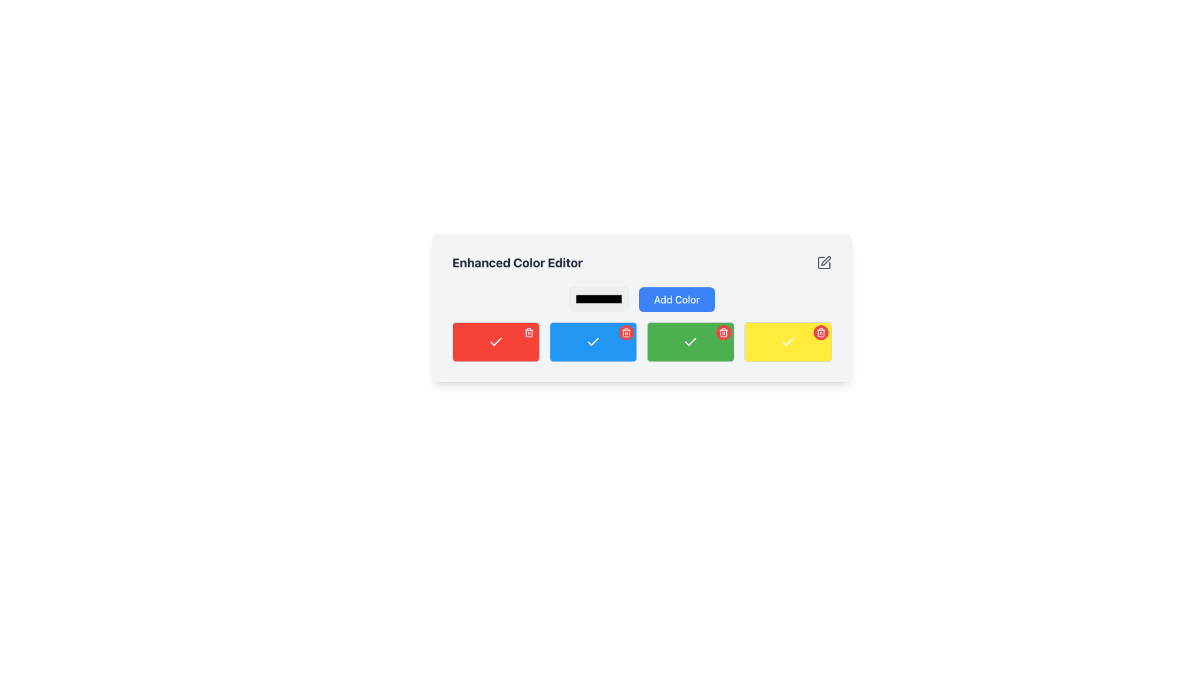  Describe the element at coordinates (592, 341) in the screenshot. I see `the blue button containing the checkmark-shaped icon, which is located in the second position of a row of four color-coded buttons` at that location.